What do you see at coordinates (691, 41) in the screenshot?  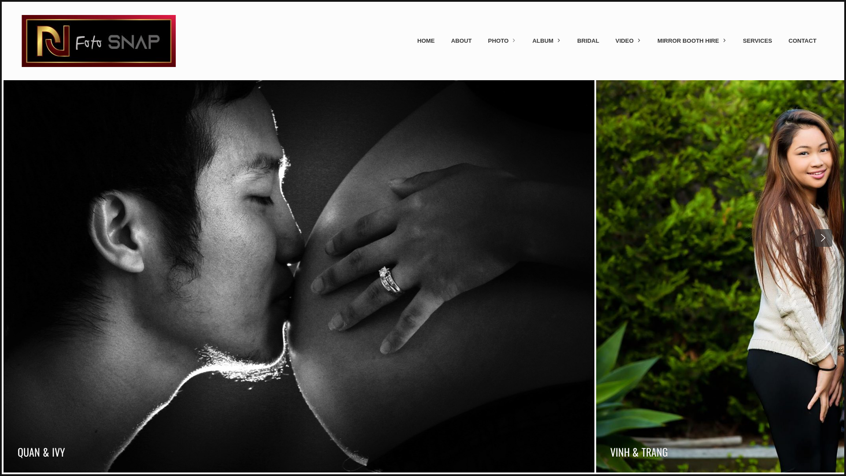 I see `'MIRROR BOOTH HIRE'` at bounding box center [691, 41].